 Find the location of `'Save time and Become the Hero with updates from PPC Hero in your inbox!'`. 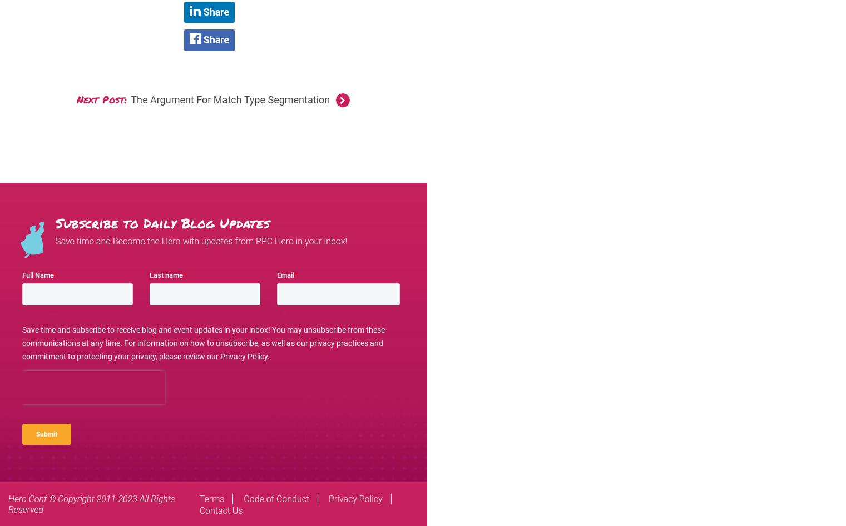

'Save time and Become the Hero with updates from PPC Hero in your inbox!' is located at coordinates (200, 241).